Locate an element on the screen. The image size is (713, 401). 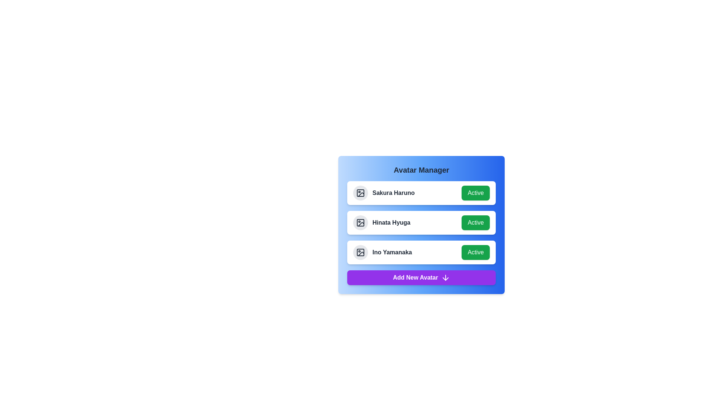
the avatar placeholder icon in the Avatar Manager component, located in the leftmost segment of the third row, aligned with the user's name and the green 'Active' indicator is located at coordinates (360, 252).